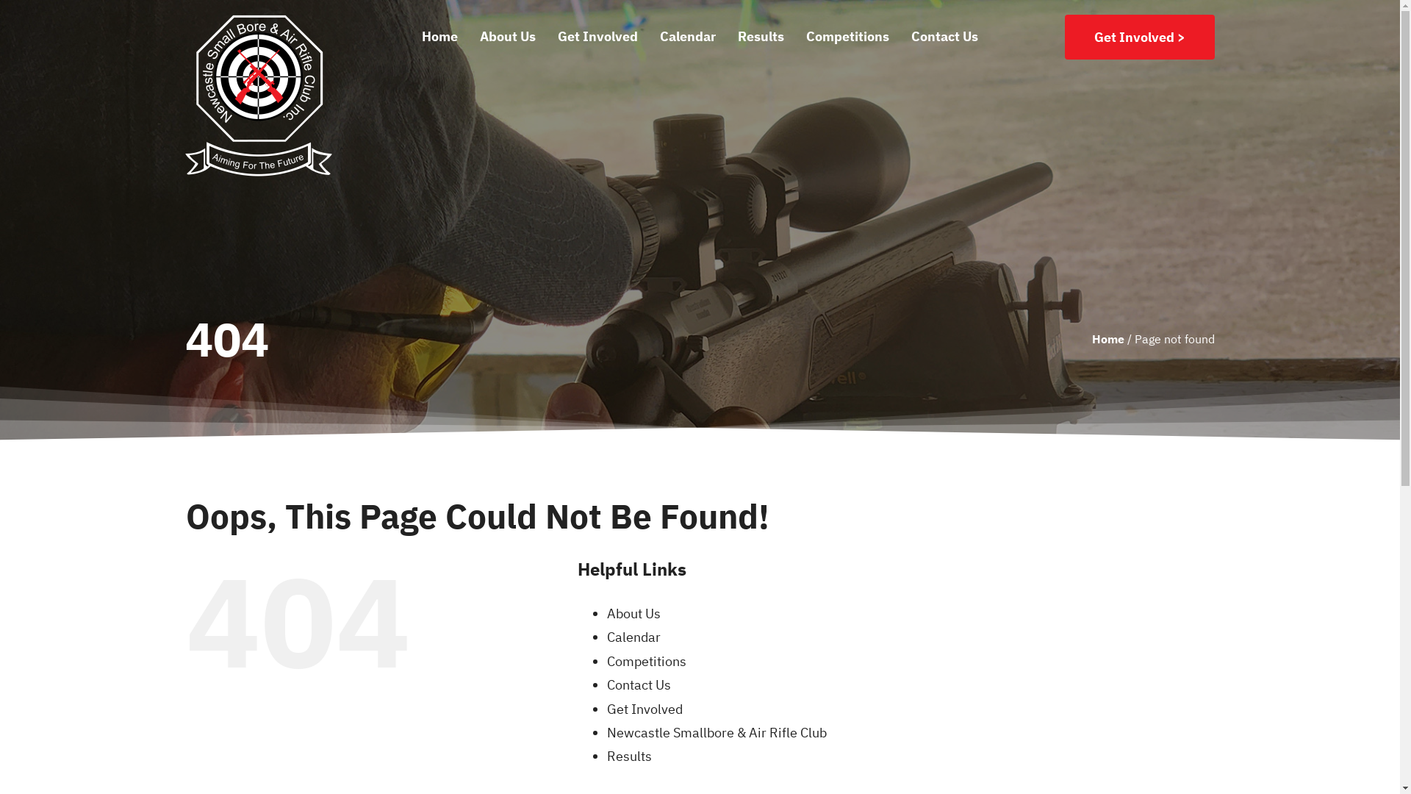 This screenshot has width=1411, height=794. I want to click on 'Calendar', so click(687, 36).